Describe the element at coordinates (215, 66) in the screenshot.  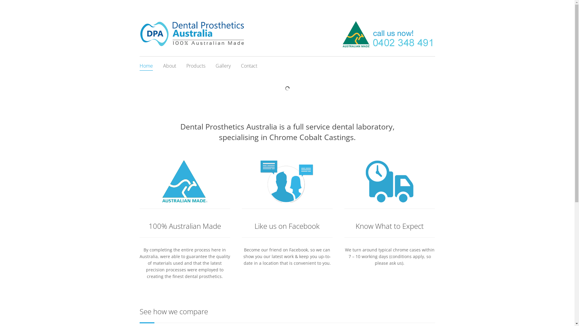
I see `'Gallery'` at that location.